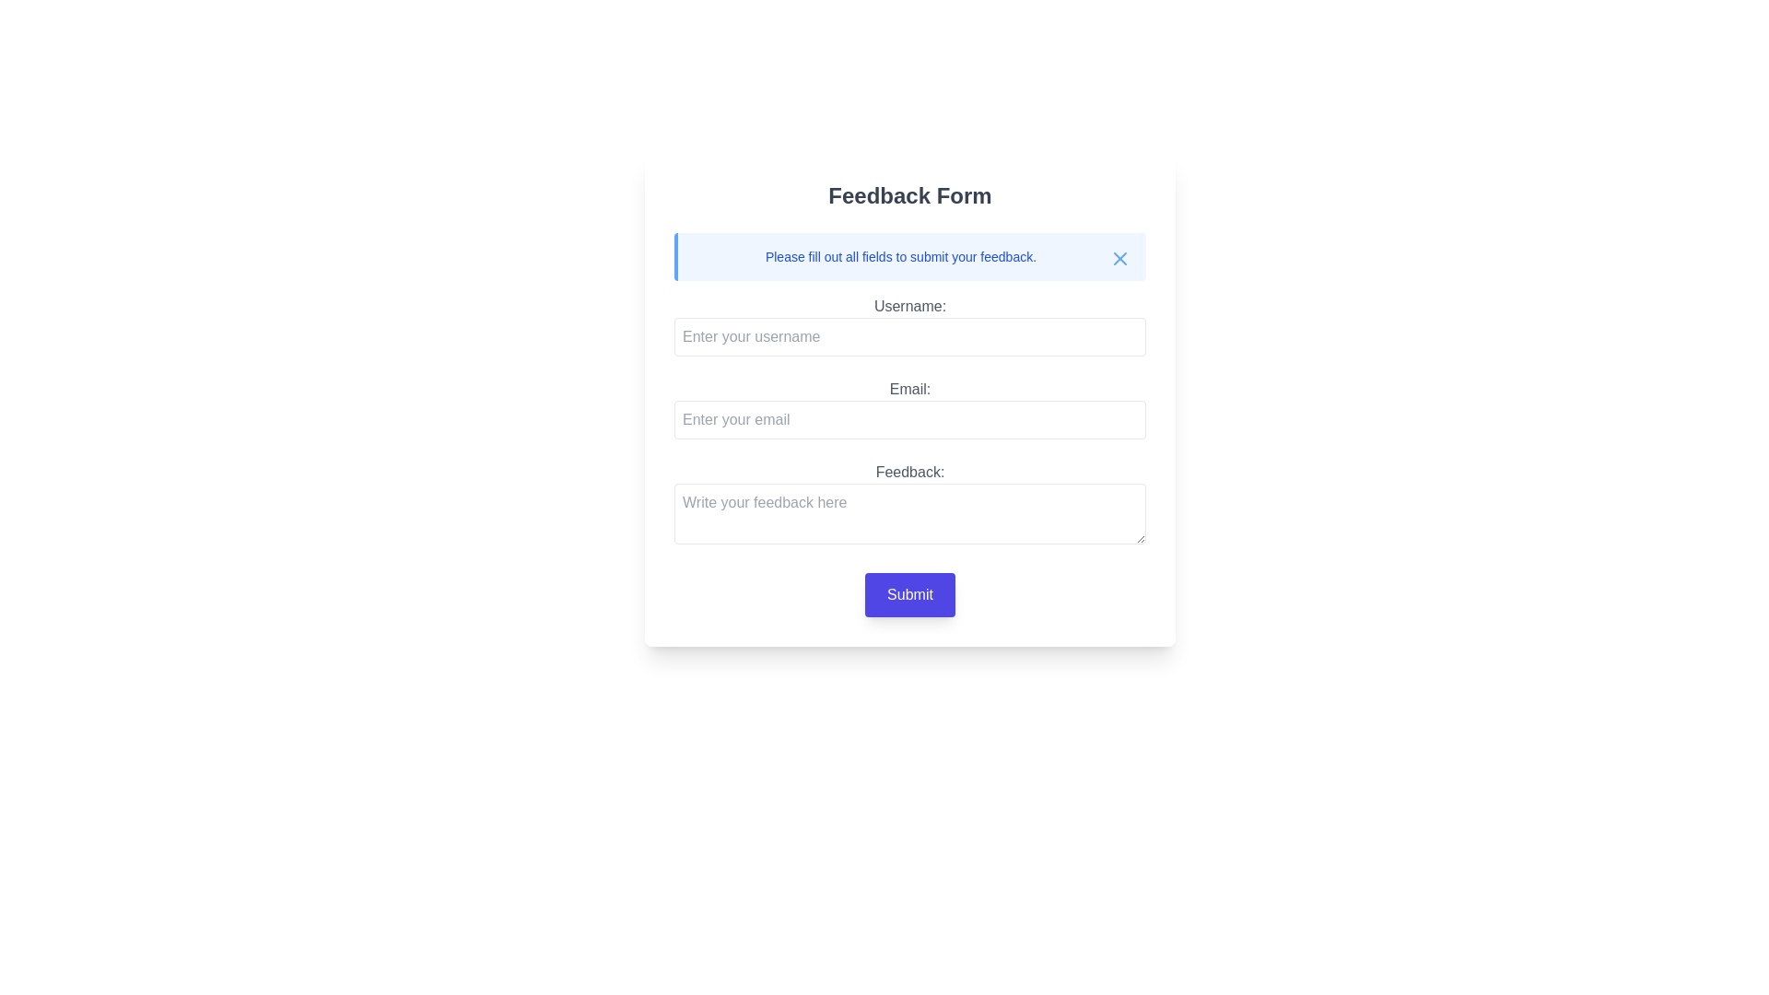  I want to click on the close button located at the far right of the notification banner, so click(1119, 259).